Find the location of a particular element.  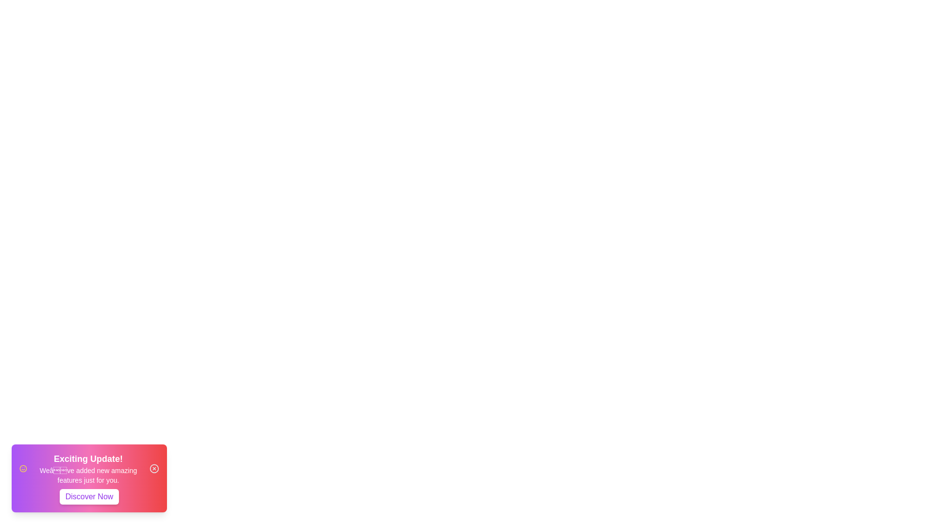

the 'Discover Now' button to trigger the action is located at coordinates (89, 496).